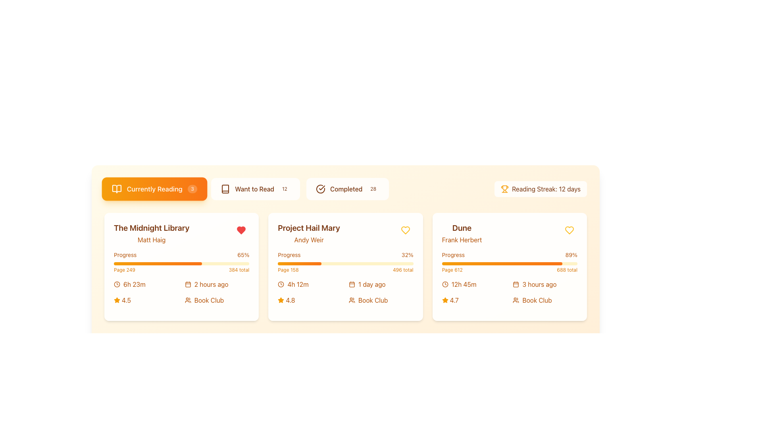  Describe the element at coordinates (217, 284) in the screenshot. I see `the text displaying the time since the respective book activity for 'The Midnight Library' within the 'Currently Reading' section, located below the progress information and beside the rating and book club details` at that location.